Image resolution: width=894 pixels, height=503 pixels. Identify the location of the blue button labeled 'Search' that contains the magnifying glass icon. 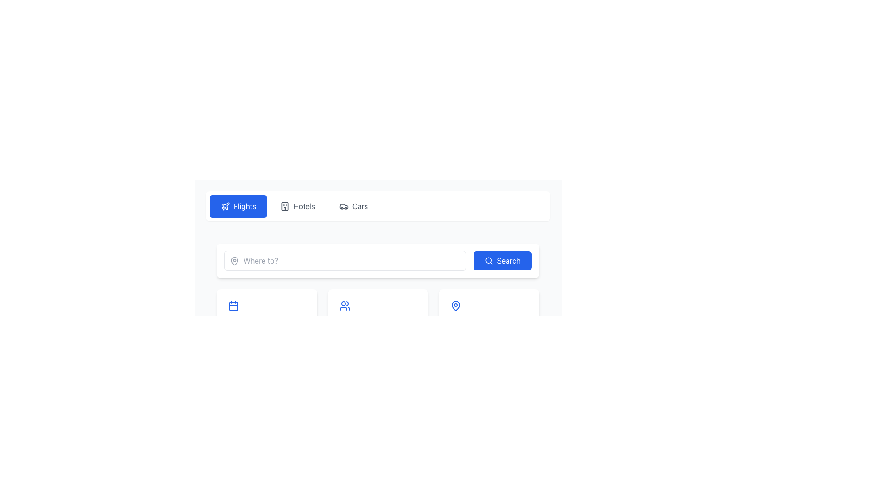
(488, 260).